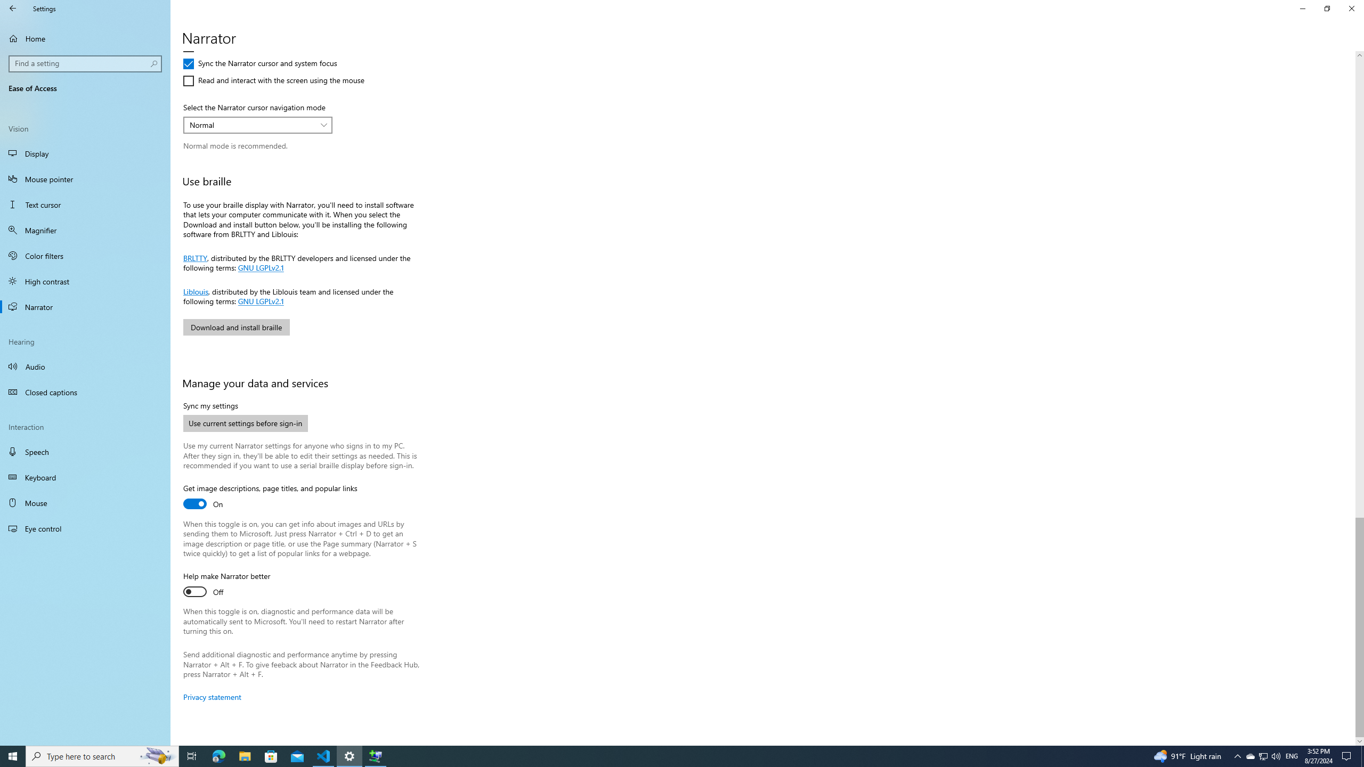 The width and height of the screenshot is (1364, 767). What do you see at coordinates (376, 755) in the screenshot?
I see `'Extensible Wizards Host Process - 1 running window'` at bounding box center [376, 755].